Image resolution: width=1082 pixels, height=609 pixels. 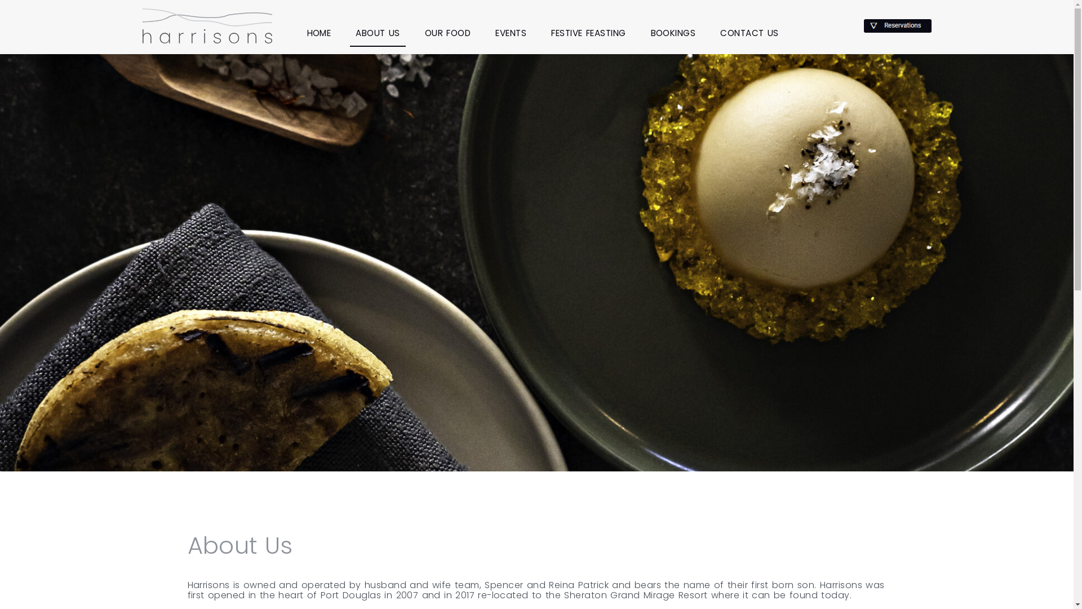 I want to click on 'BOOKINGS', so click(x=673, y=32).